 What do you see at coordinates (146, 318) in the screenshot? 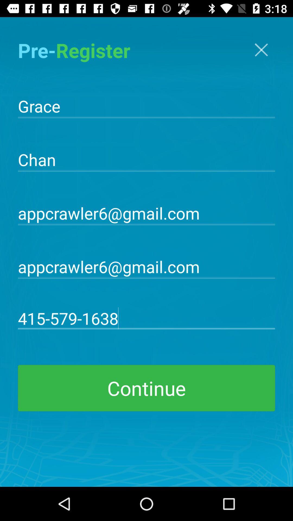
I see `415-579-1638` at bounding box center [146, 318].